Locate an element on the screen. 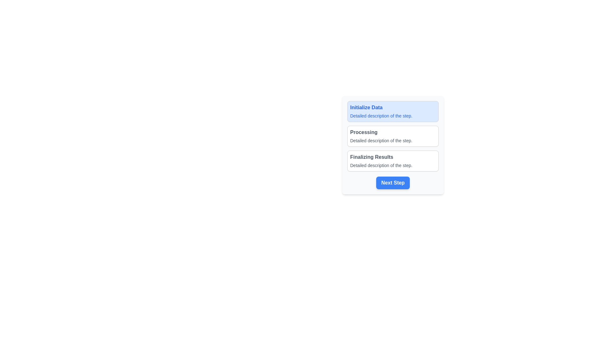 The width and height of the screenshot is (609, 343). the text snippet that reads 'Detailed description of the step.' located below the bold title 'Initialize Data.' is located at coordinates (392, 116).